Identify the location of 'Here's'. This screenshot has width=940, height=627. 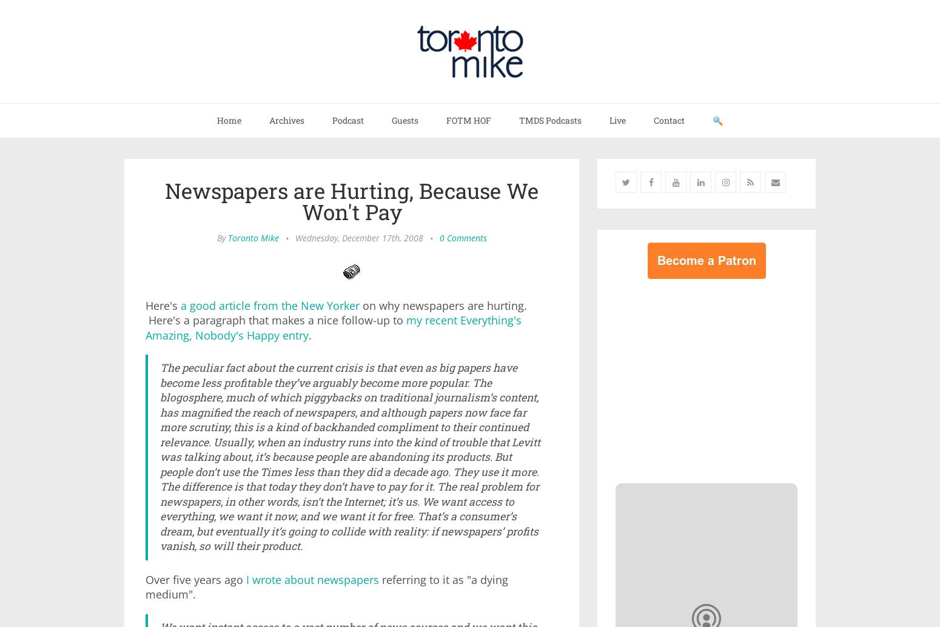
(163, 304).